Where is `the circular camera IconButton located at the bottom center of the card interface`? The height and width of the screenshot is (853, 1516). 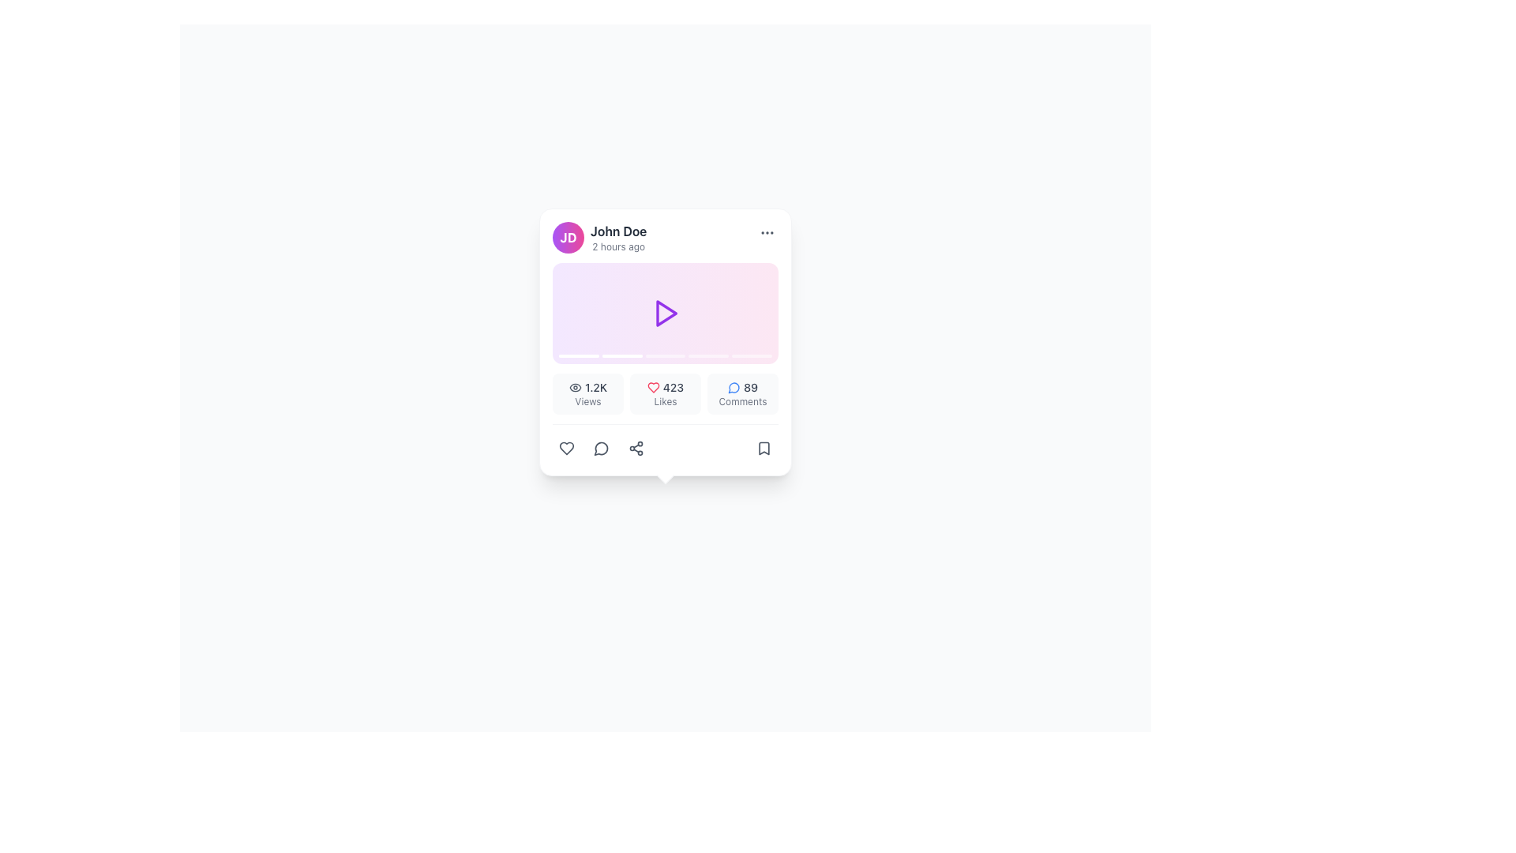
the circular camera IconButton located at the bottom center of the card interface is located at coordinates (666, 450).